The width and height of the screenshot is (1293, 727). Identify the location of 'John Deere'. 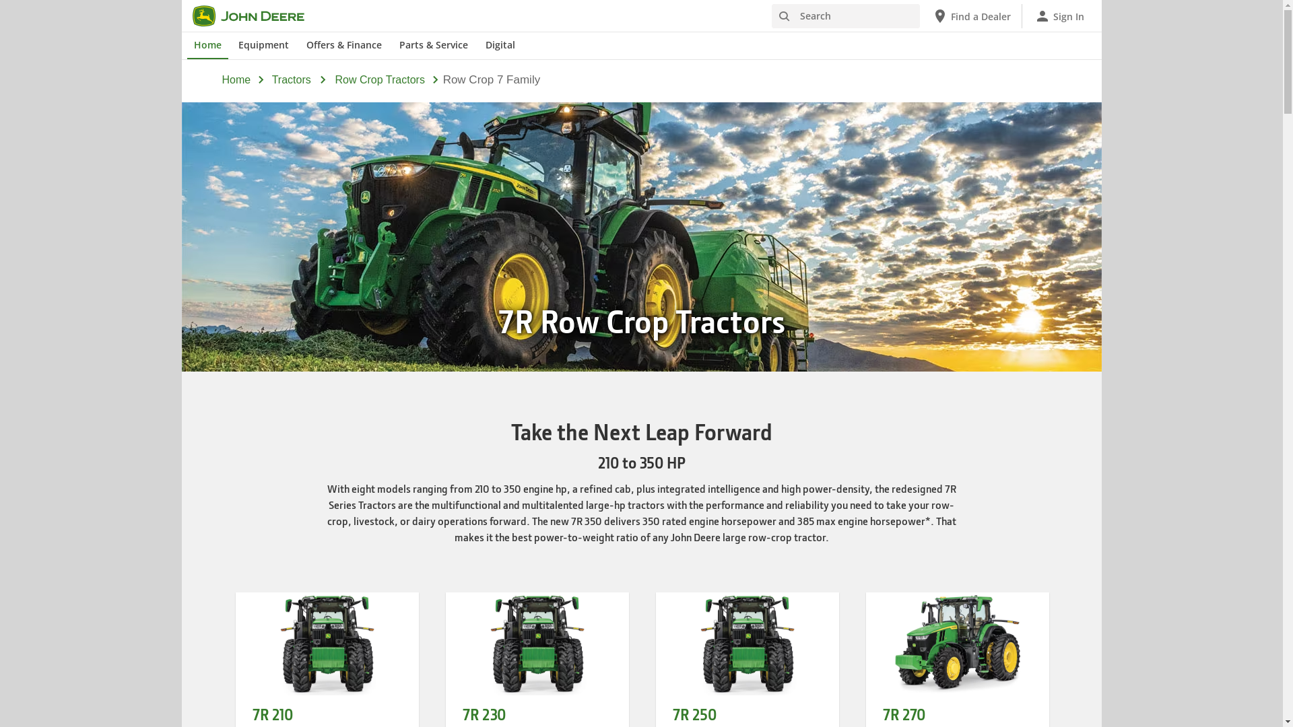
(256, 15).